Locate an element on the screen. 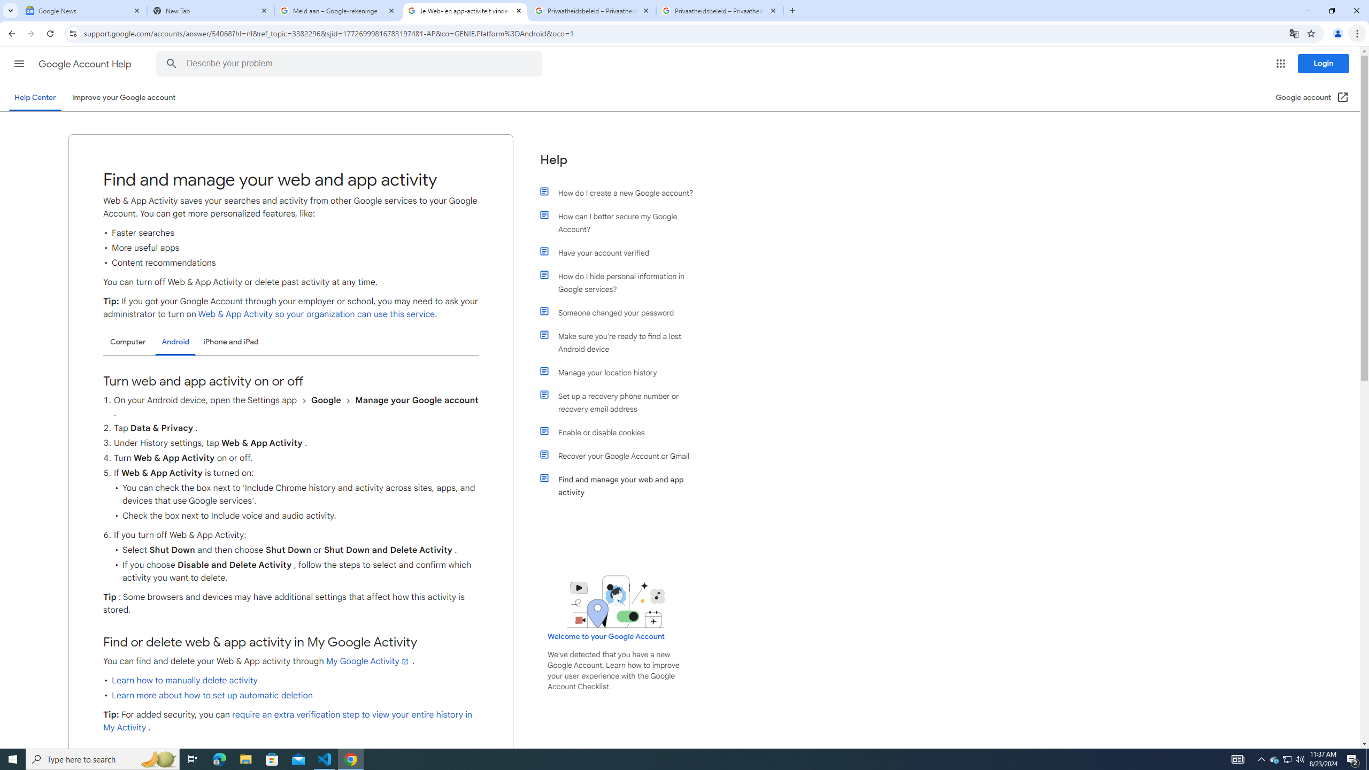  'Back' is located at coordinates (10, 33).